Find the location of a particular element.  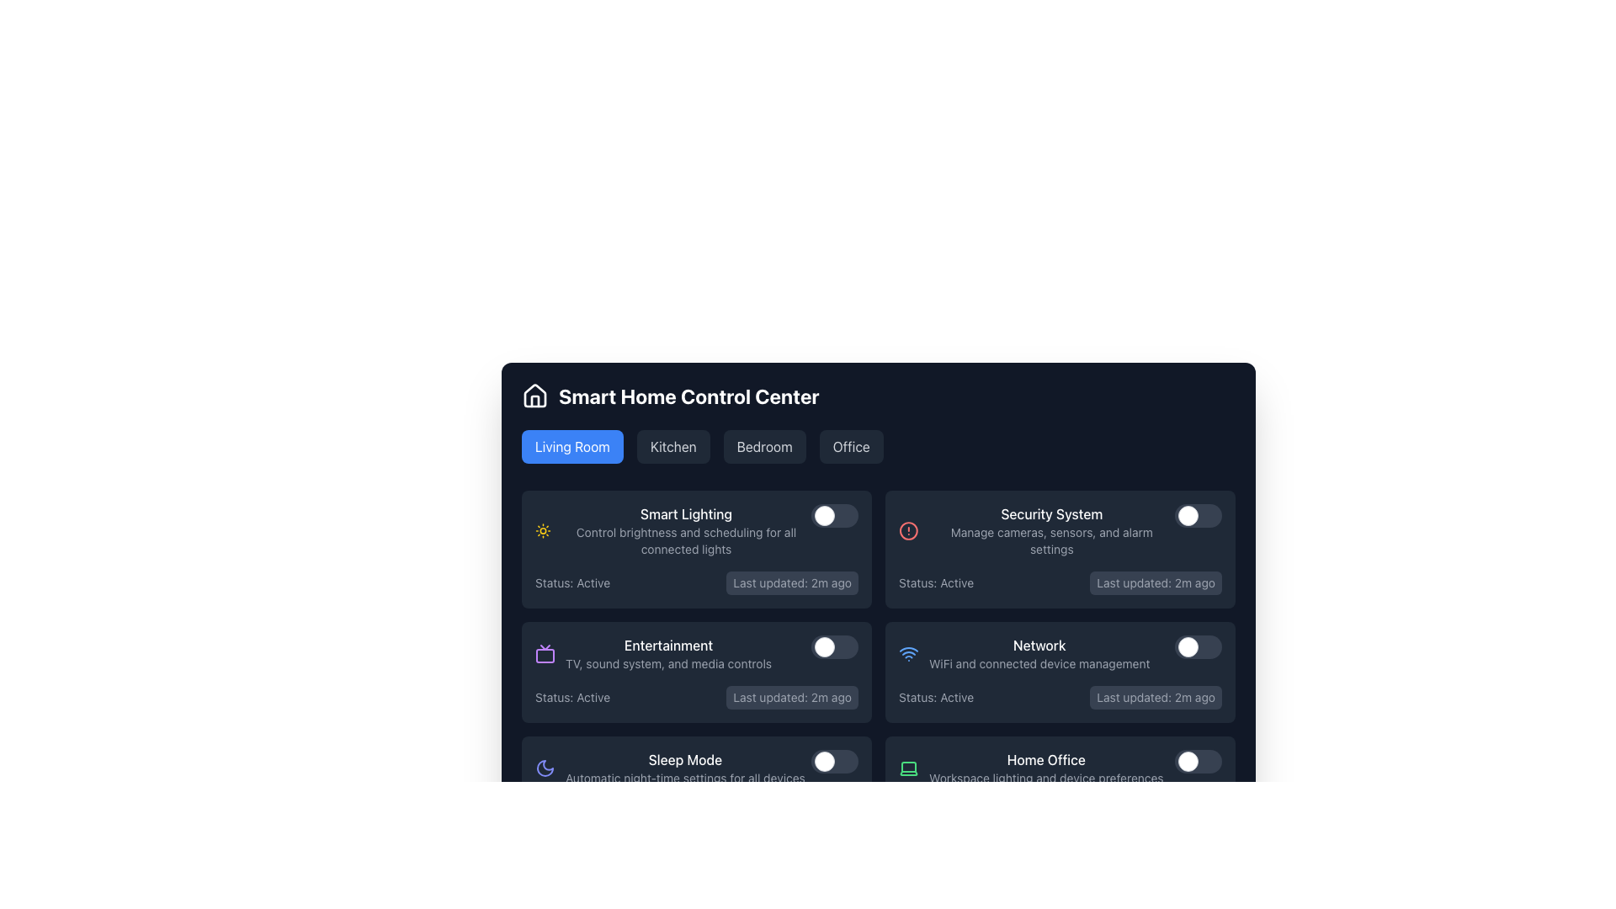

the text label displaying 'Last updated: 2m ago' with a dark gray background, located in the bottom-right corner of the 'Entertainment' card is located at coordinates (791, 698).